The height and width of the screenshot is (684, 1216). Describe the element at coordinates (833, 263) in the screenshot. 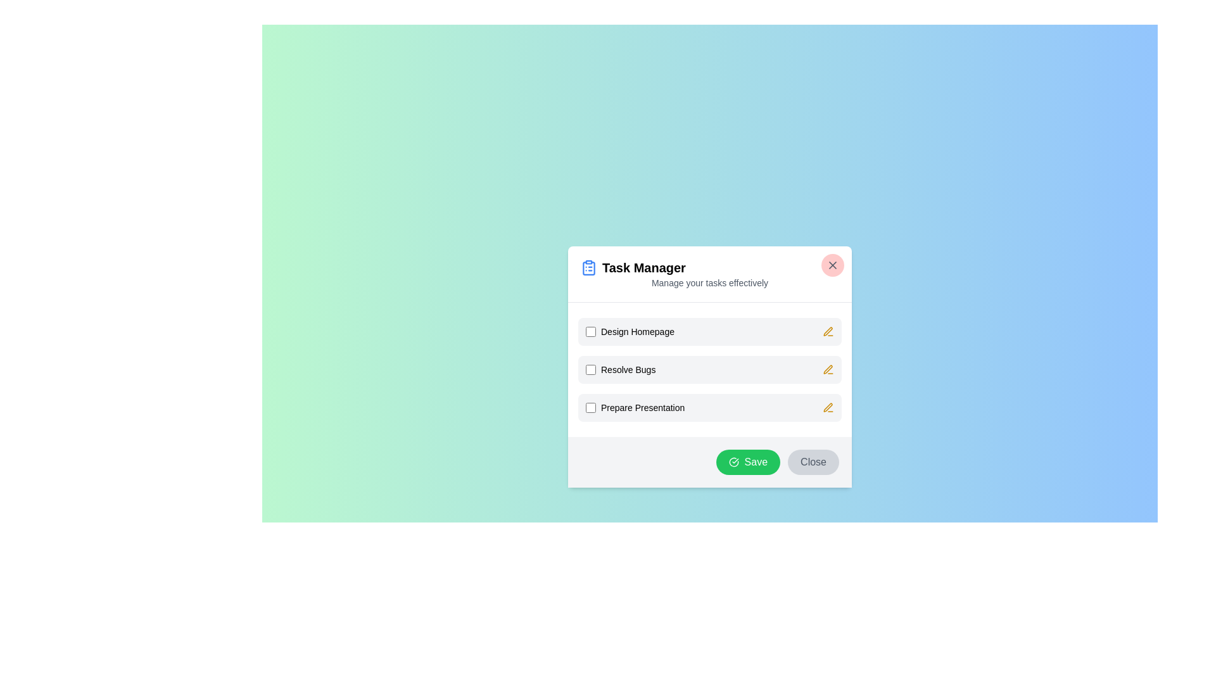

I see `the close button located at the top-right corner of the 'Task Manager' modal` at that location.